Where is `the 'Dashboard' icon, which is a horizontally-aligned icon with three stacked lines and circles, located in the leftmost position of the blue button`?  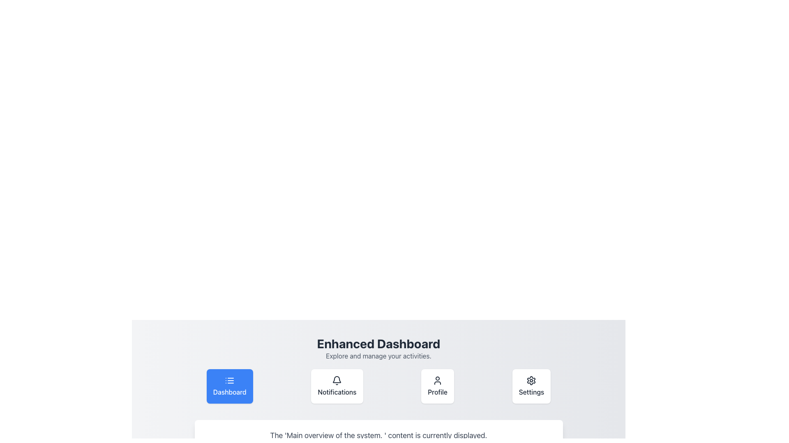 the 'Dashboard' icon, which is a horizontally-aligned icon with three stacked lines and circles, located in the leftmost position of the blue button is located at coordinates (230, 381).